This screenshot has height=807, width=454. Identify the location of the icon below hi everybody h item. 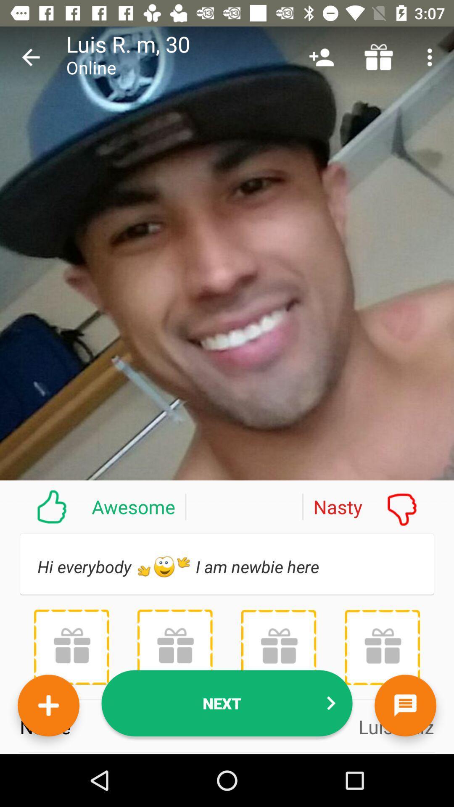
(174, 646).